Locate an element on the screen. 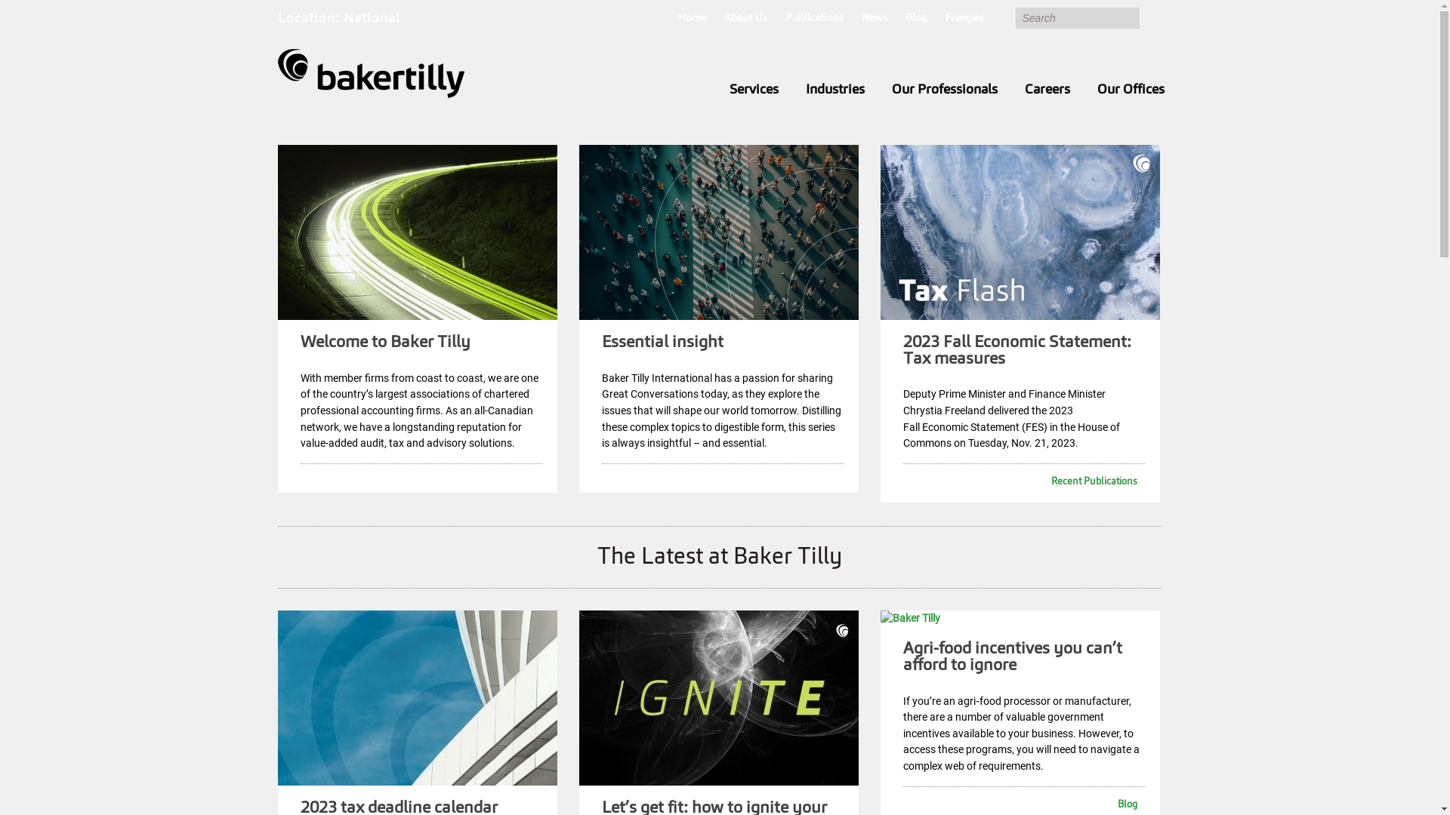 The width and height of the screenshot is (1450, 815). '2023 Fall Economic Statement: Tax measures' is located at coordinates (1017, 351).